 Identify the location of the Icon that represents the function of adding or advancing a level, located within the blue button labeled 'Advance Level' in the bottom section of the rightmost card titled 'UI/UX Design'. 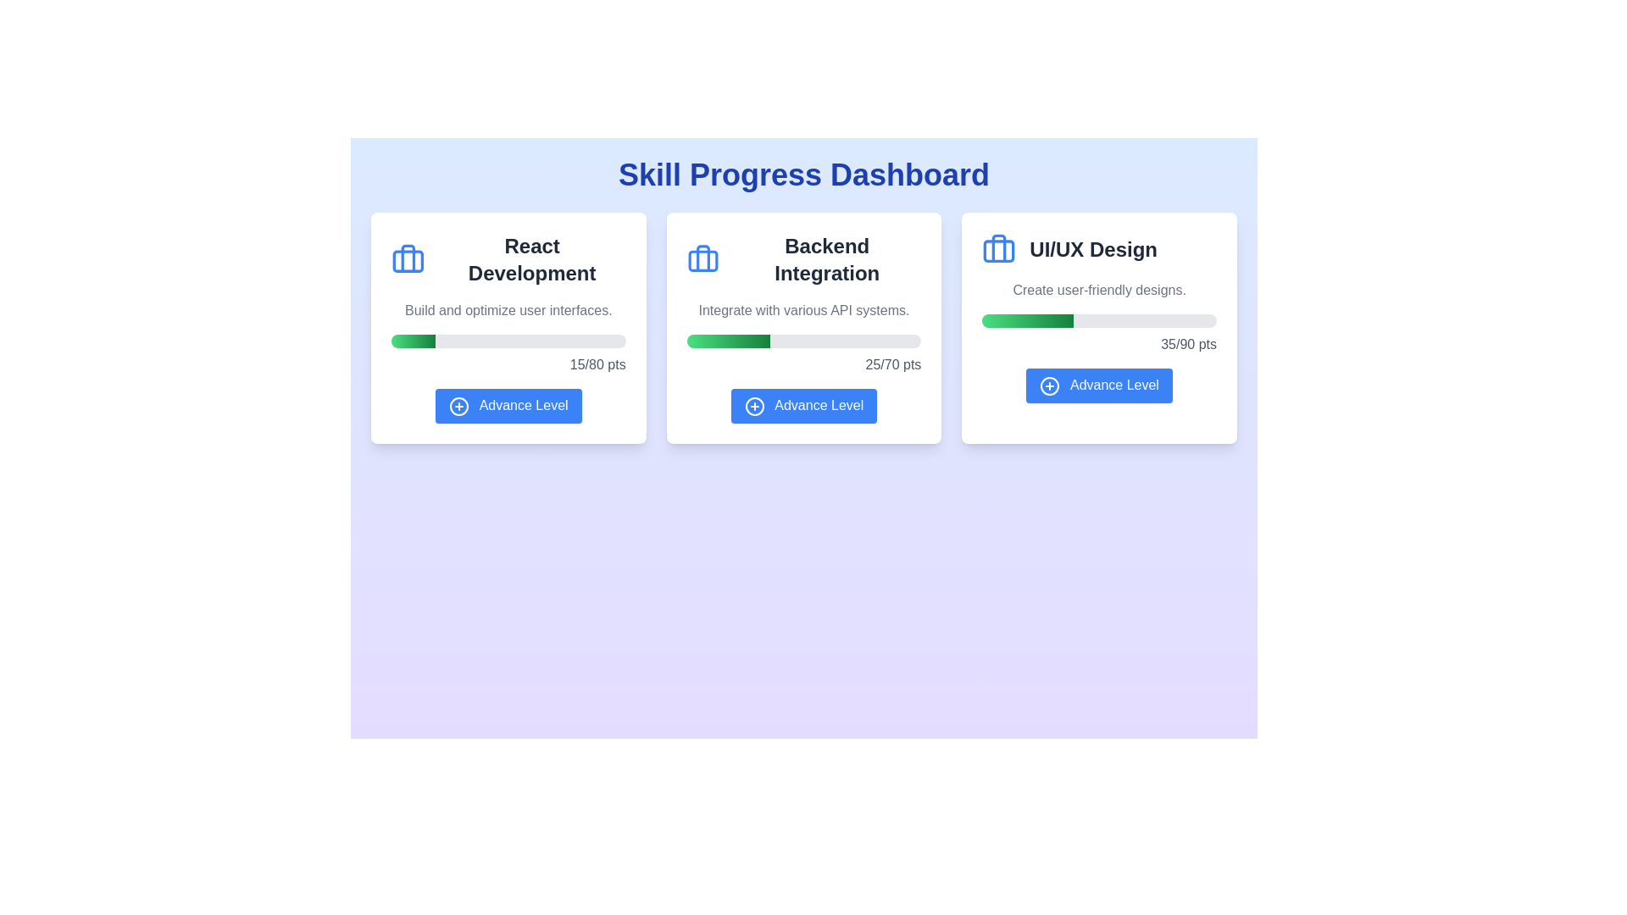
(1049, 385).